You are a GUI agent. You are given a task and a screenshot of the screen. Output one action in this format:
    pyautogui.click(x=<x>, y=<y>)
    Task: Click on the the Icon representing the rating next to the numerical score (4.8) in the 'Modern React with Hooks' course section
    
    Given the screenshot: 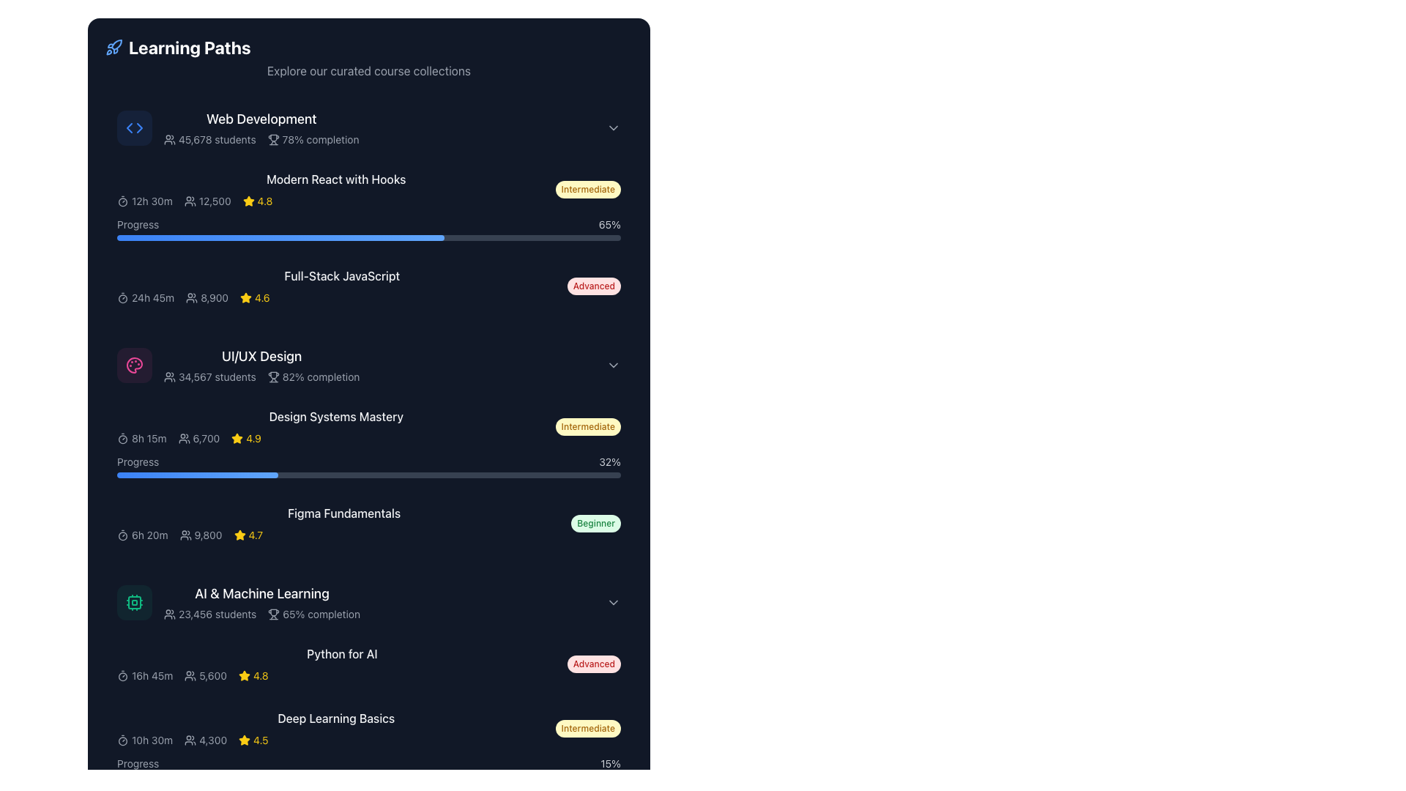 What is the action you would take?
    pyautogui.click(x=248, y=201)
    